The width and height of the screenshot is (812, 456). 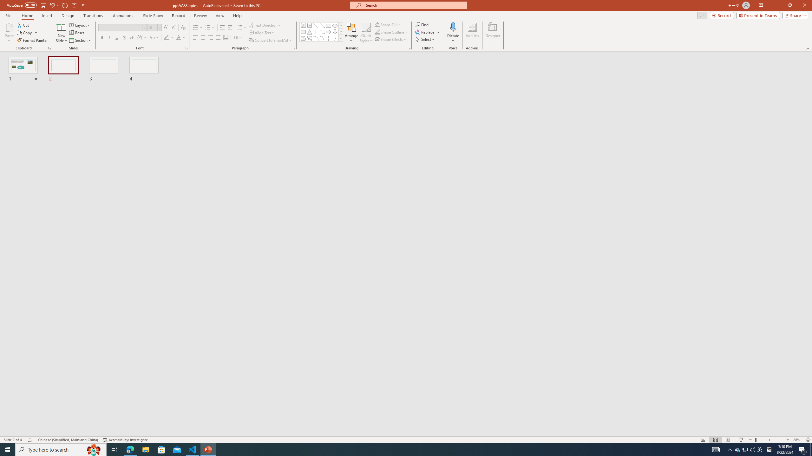 I want to click on 'Decrease Indent', so click(x=222, y=28).